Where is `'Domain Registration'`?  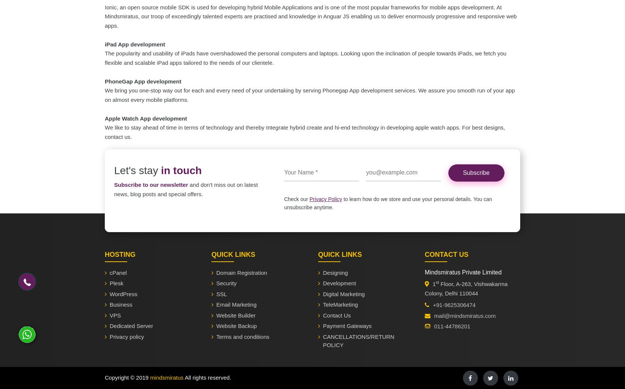
'Domain Registration' is located at coordinates (241, 272).